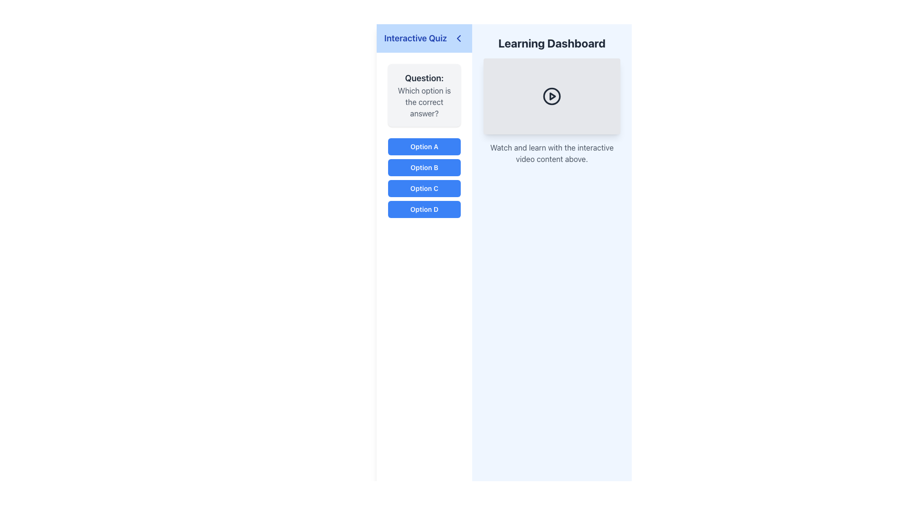 Image resolution: width=912 pixels, height=513 pixels. Describe the element at coordinates (424, 189) in the screenshot. I see `the button labeled 'Option C' in the quiz interface` at that location.